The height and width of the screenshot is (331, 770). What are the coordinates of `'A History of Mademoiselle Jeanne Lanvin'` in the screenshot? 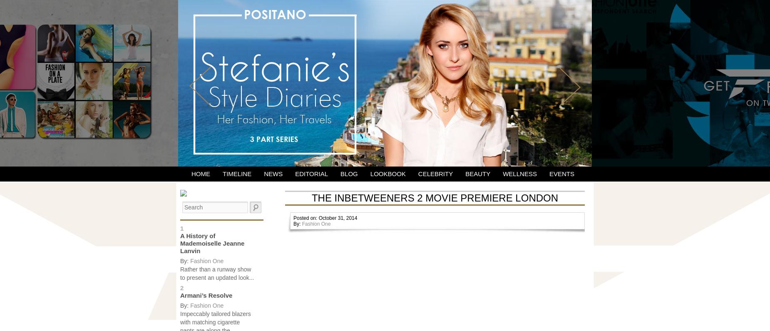 It's located at (212, 242).